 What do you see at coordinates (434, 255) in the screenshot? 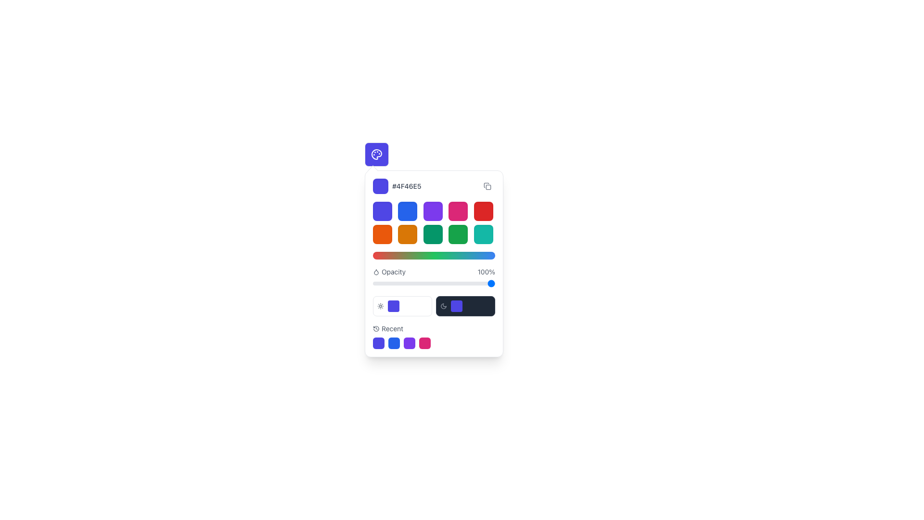
I see `the Gradient bar, which is a horizontal, rectangular bar with rounded edges, styled with a gradient from red to green to blue, located centrally beneath a grid of colorful squares` at bounding box center [434, 255].